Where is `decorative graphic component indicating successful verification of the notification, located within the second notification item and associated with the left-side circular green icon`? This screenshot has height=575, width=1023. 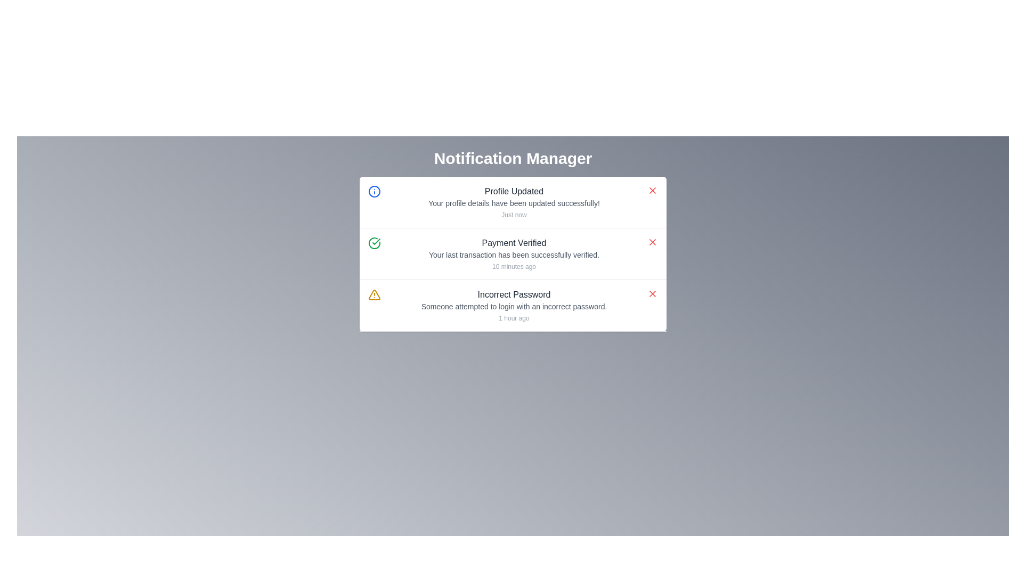
decorative graphic component indicating successful verification of the notification, located within the second notification item and associated with the left-side circular green icon is located at coordinates (374, 243).